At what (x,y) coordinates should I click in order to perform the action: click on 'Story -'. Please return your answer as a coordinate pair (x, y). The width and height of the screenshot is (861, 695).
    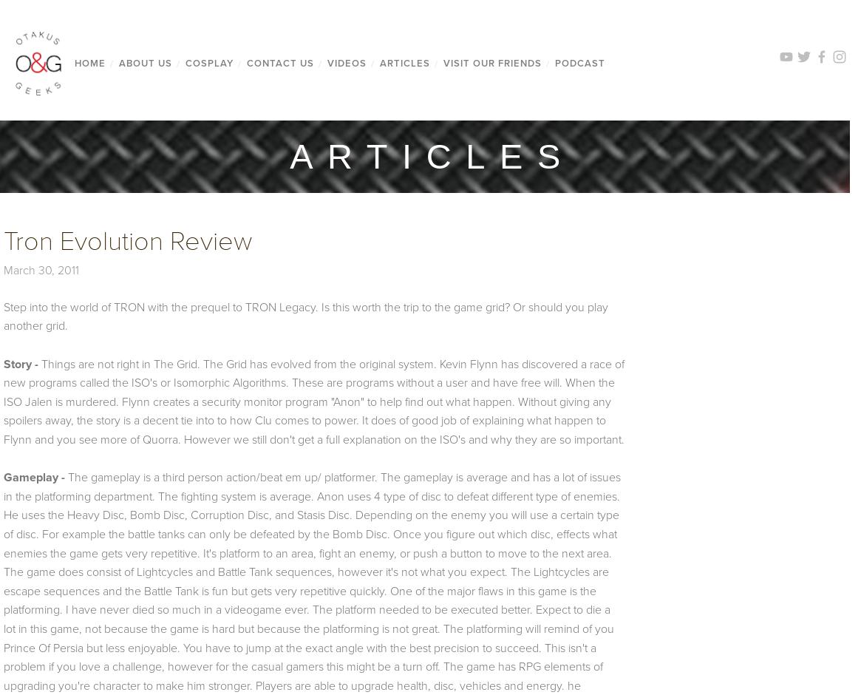
    Looking at the image, I should click on (4, 363).